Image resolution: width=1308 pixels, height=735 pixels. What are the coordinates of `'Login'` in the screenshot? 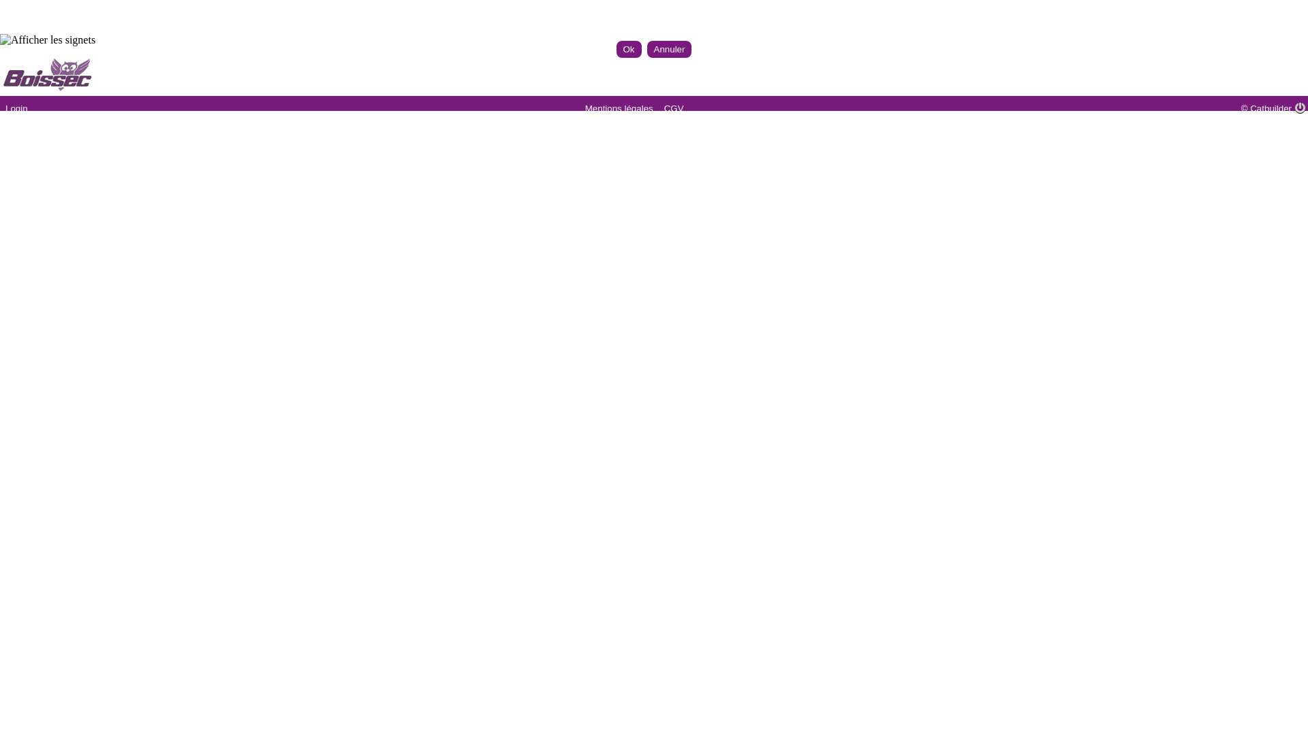 It's located at (16, 108).